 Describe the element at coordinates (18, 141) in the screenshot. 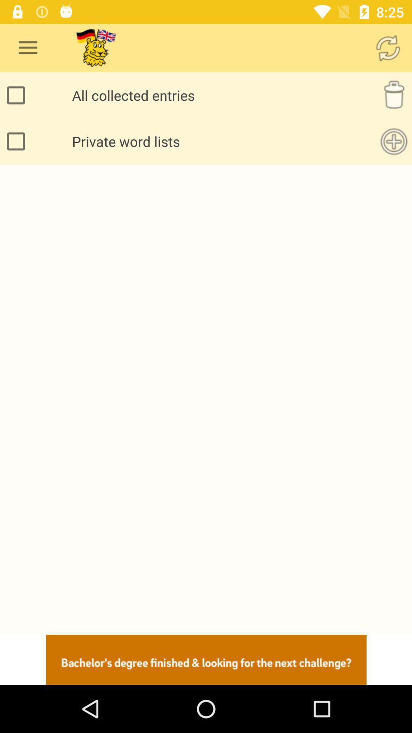

I see `private word lists` at that location.